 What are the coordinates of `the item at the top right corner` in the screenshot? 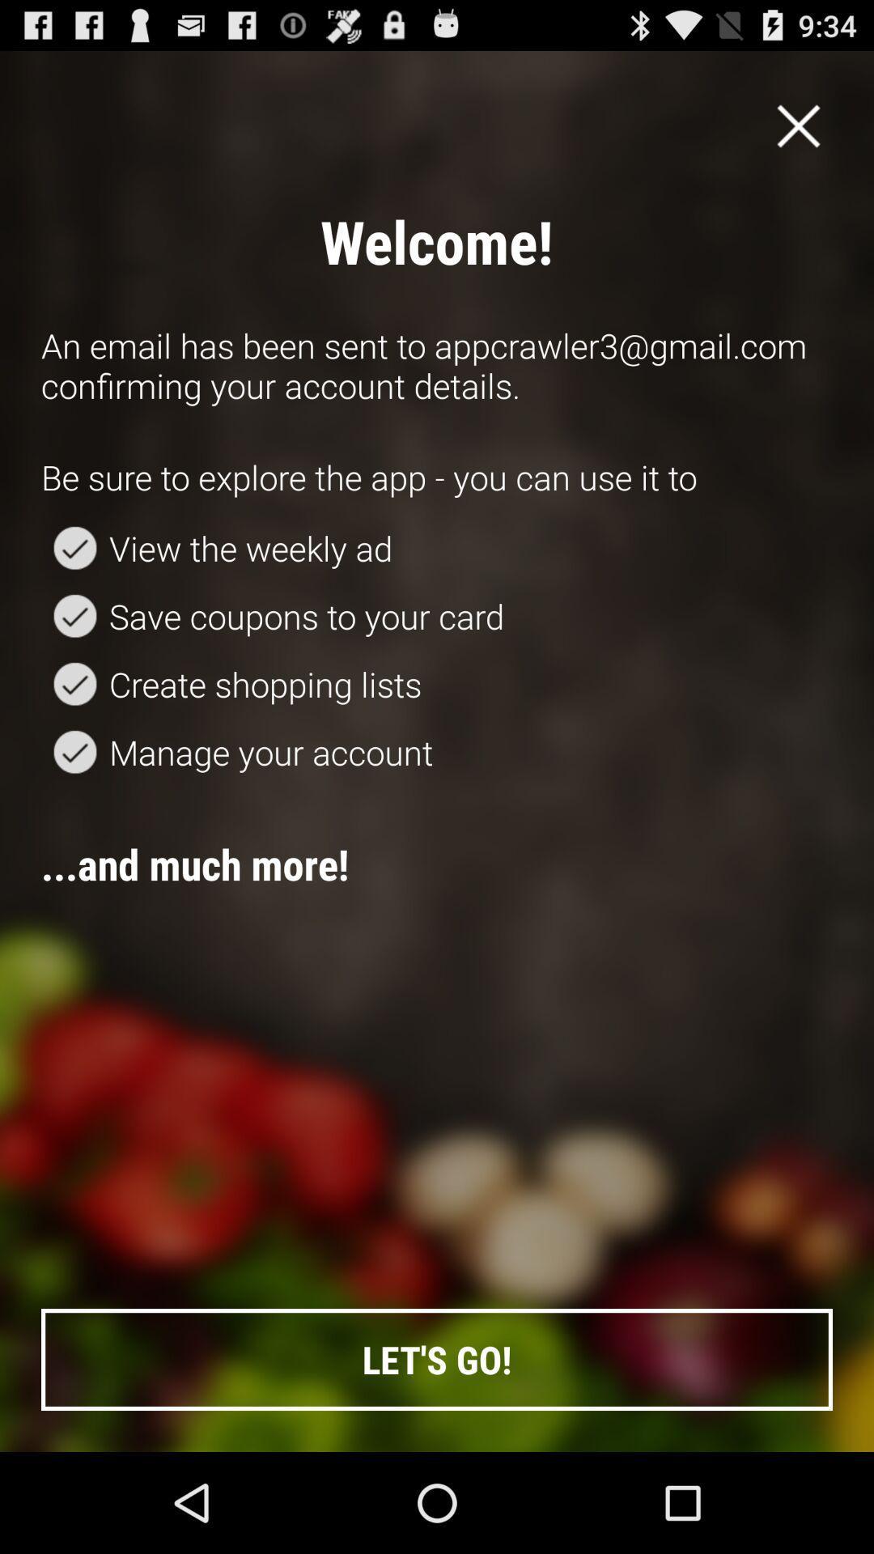 It's located at (798, 125).